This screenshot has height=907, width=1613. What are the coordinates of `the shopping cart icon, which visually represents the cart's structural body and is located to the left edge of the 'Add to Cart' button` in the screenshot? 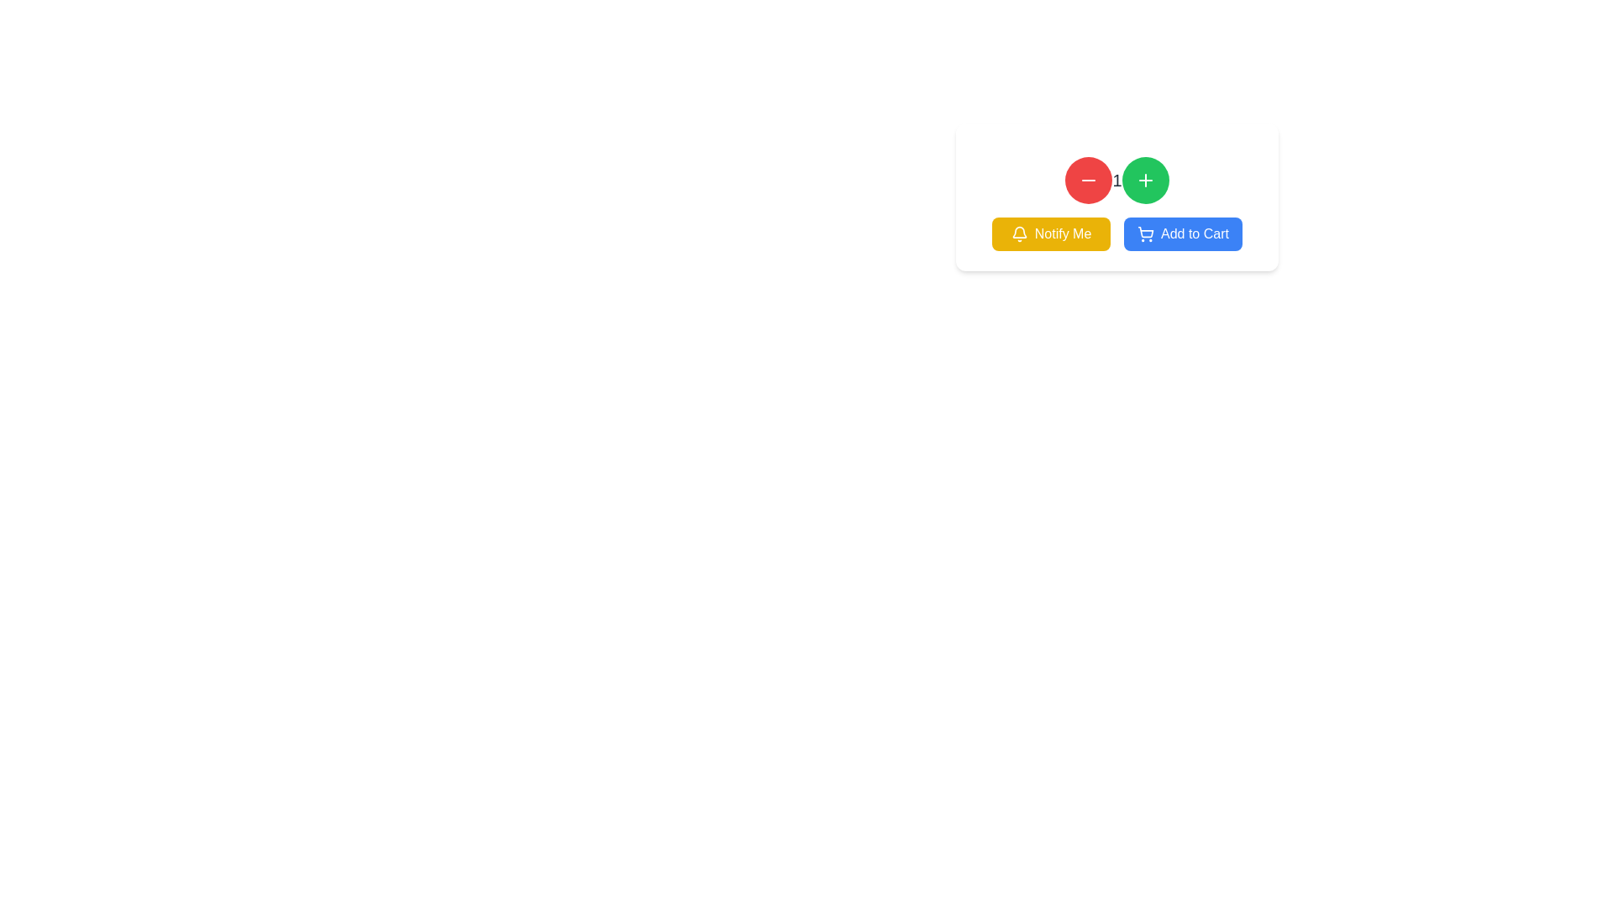 It's located at (1144, 232).